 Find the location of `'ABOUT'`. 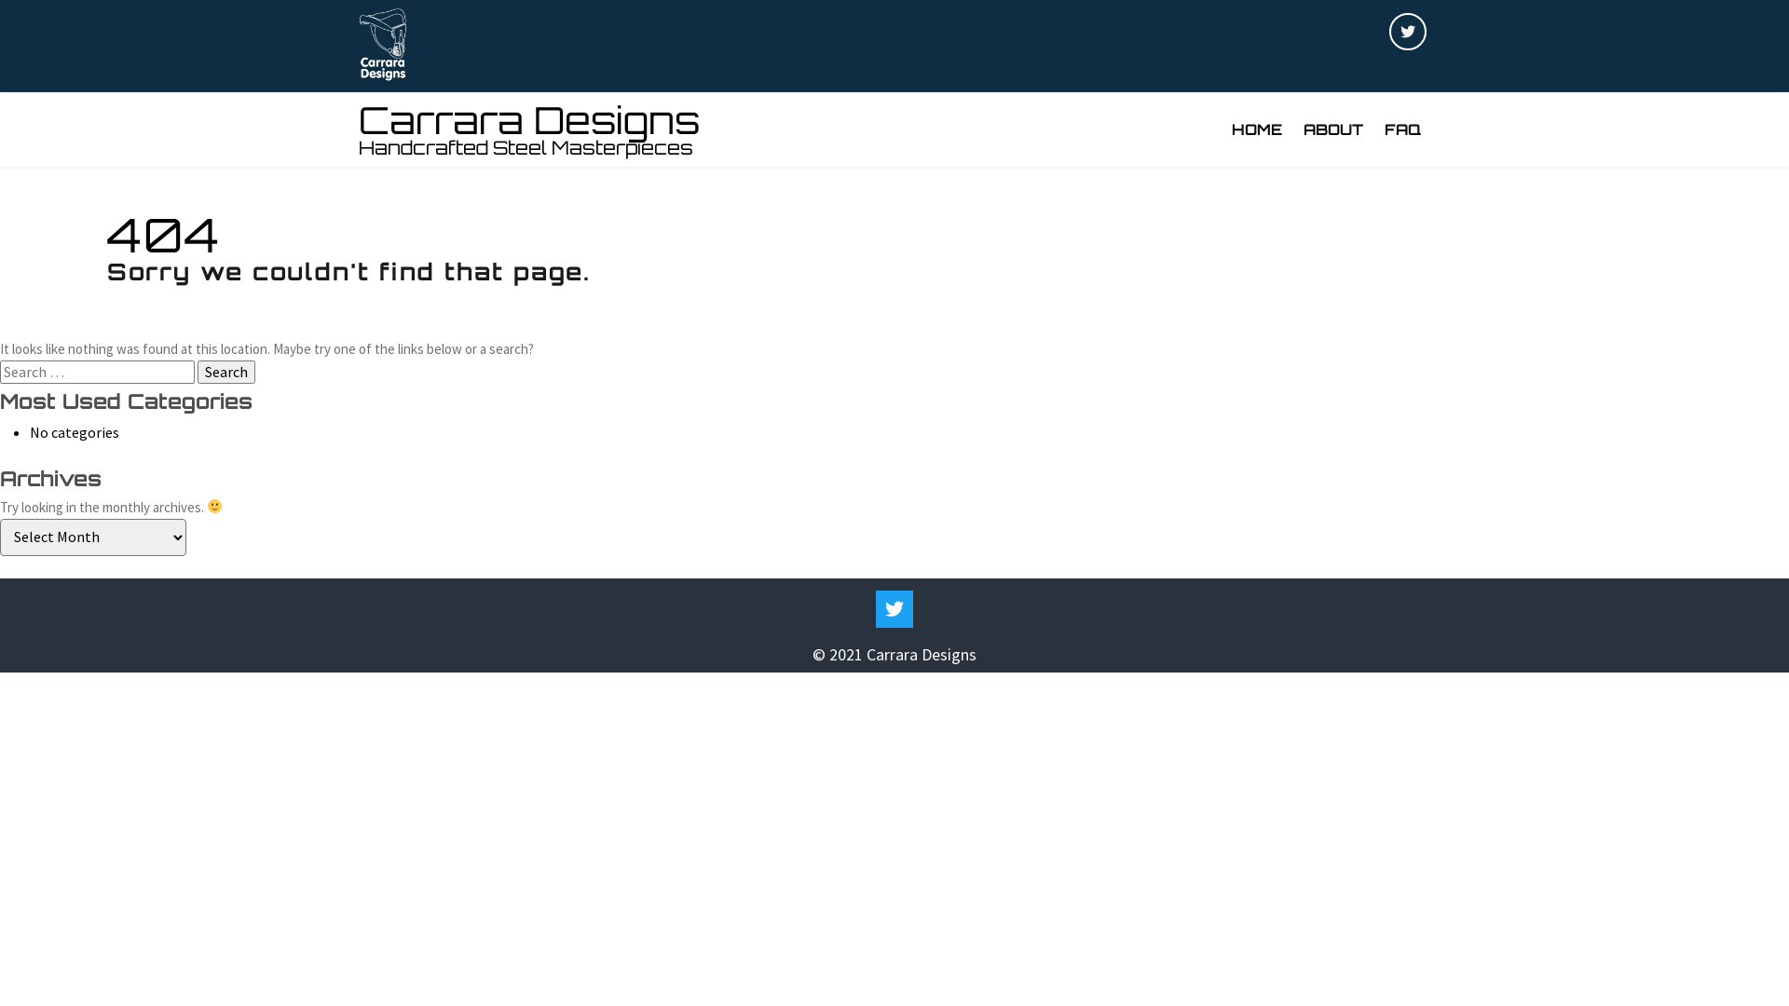

'ABOUT' is located at coordinates (1332, 129).